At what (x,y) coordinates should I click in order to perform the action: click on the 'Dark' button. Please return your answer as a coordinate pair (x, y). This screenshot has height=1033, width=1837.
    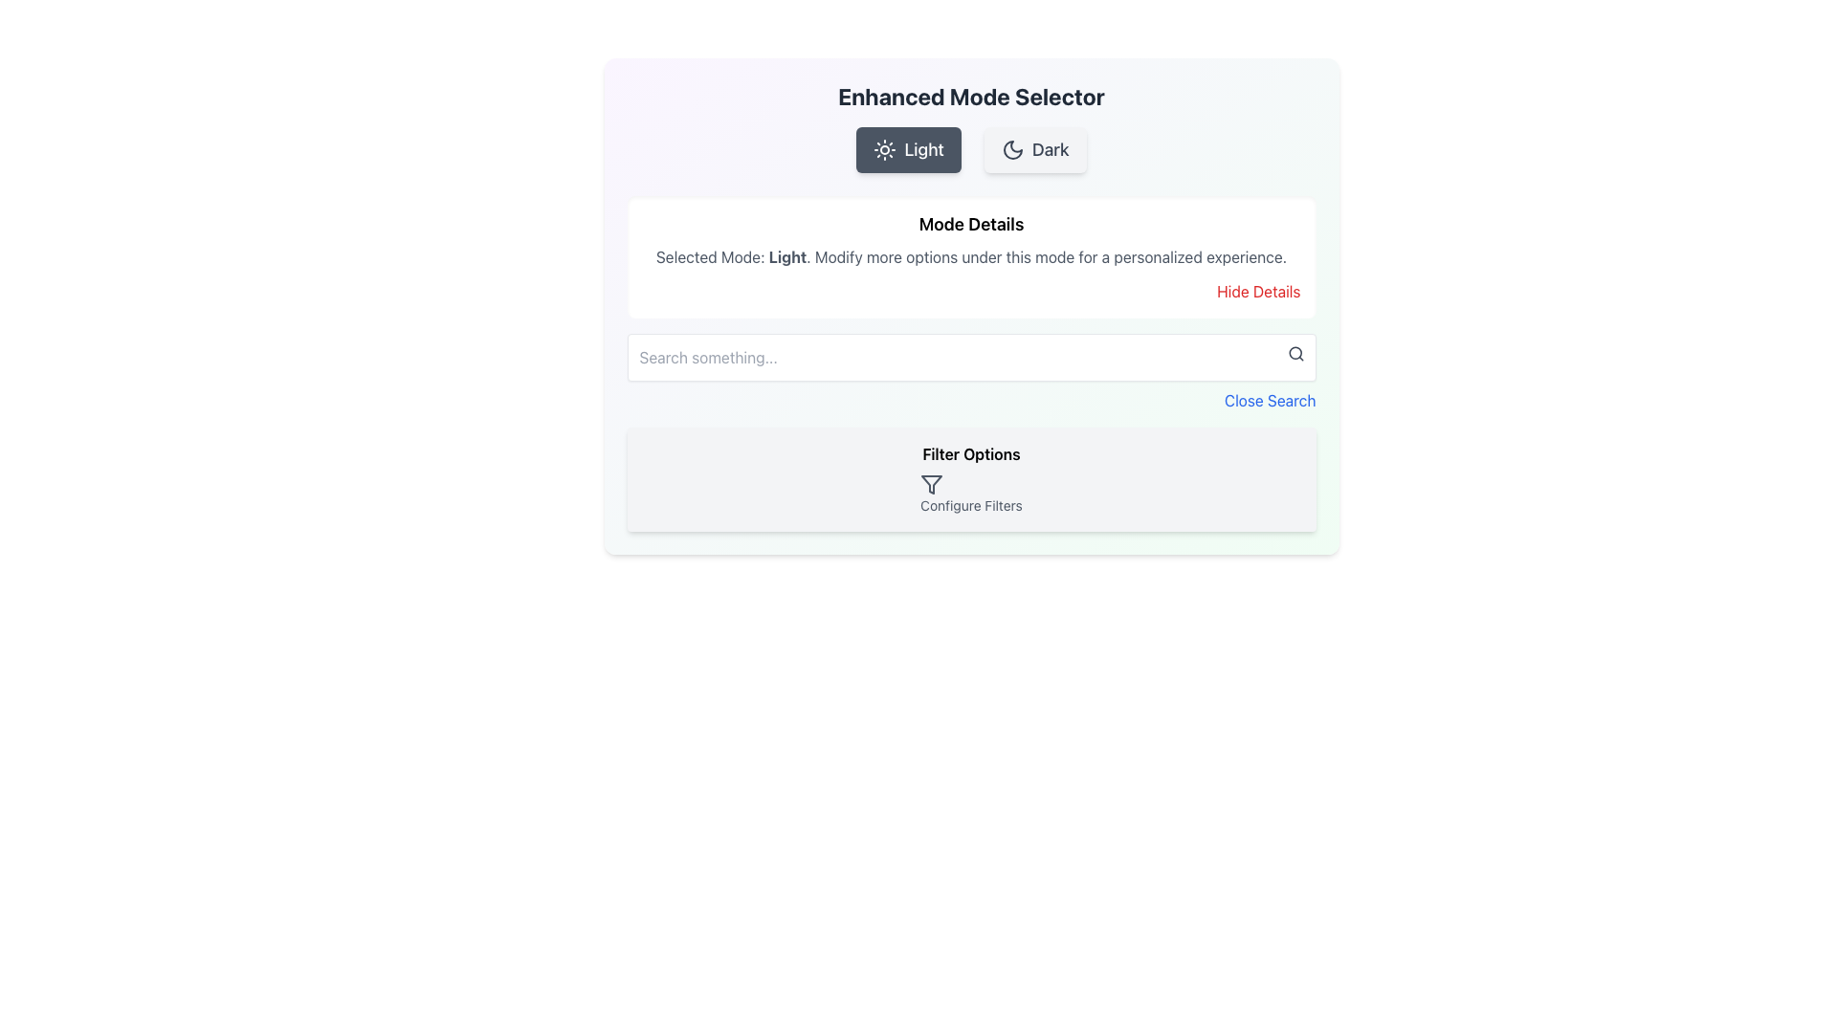
    Looking at the image, I should click on (1034, 149).